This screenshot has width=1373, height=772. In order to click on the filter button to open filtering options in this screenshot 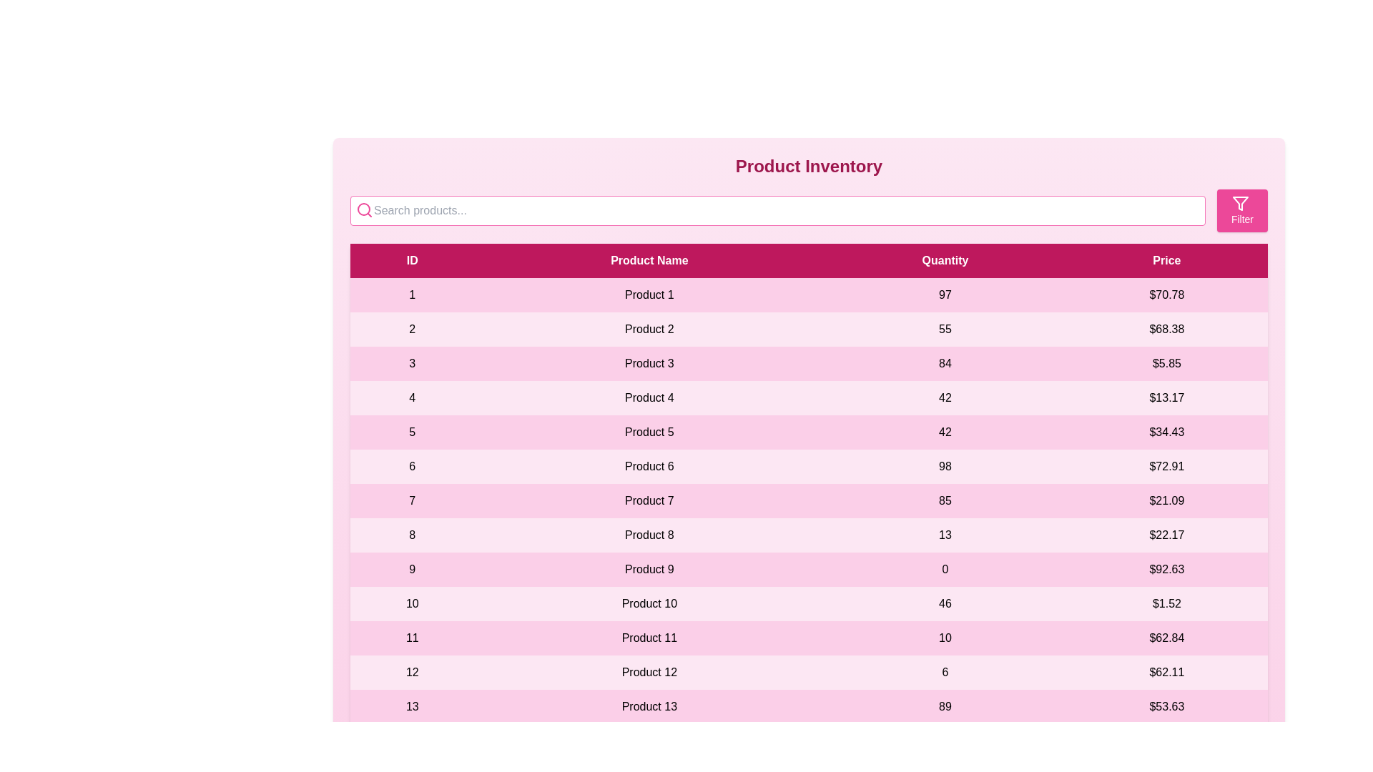, I will do `click(1241, 210)`.